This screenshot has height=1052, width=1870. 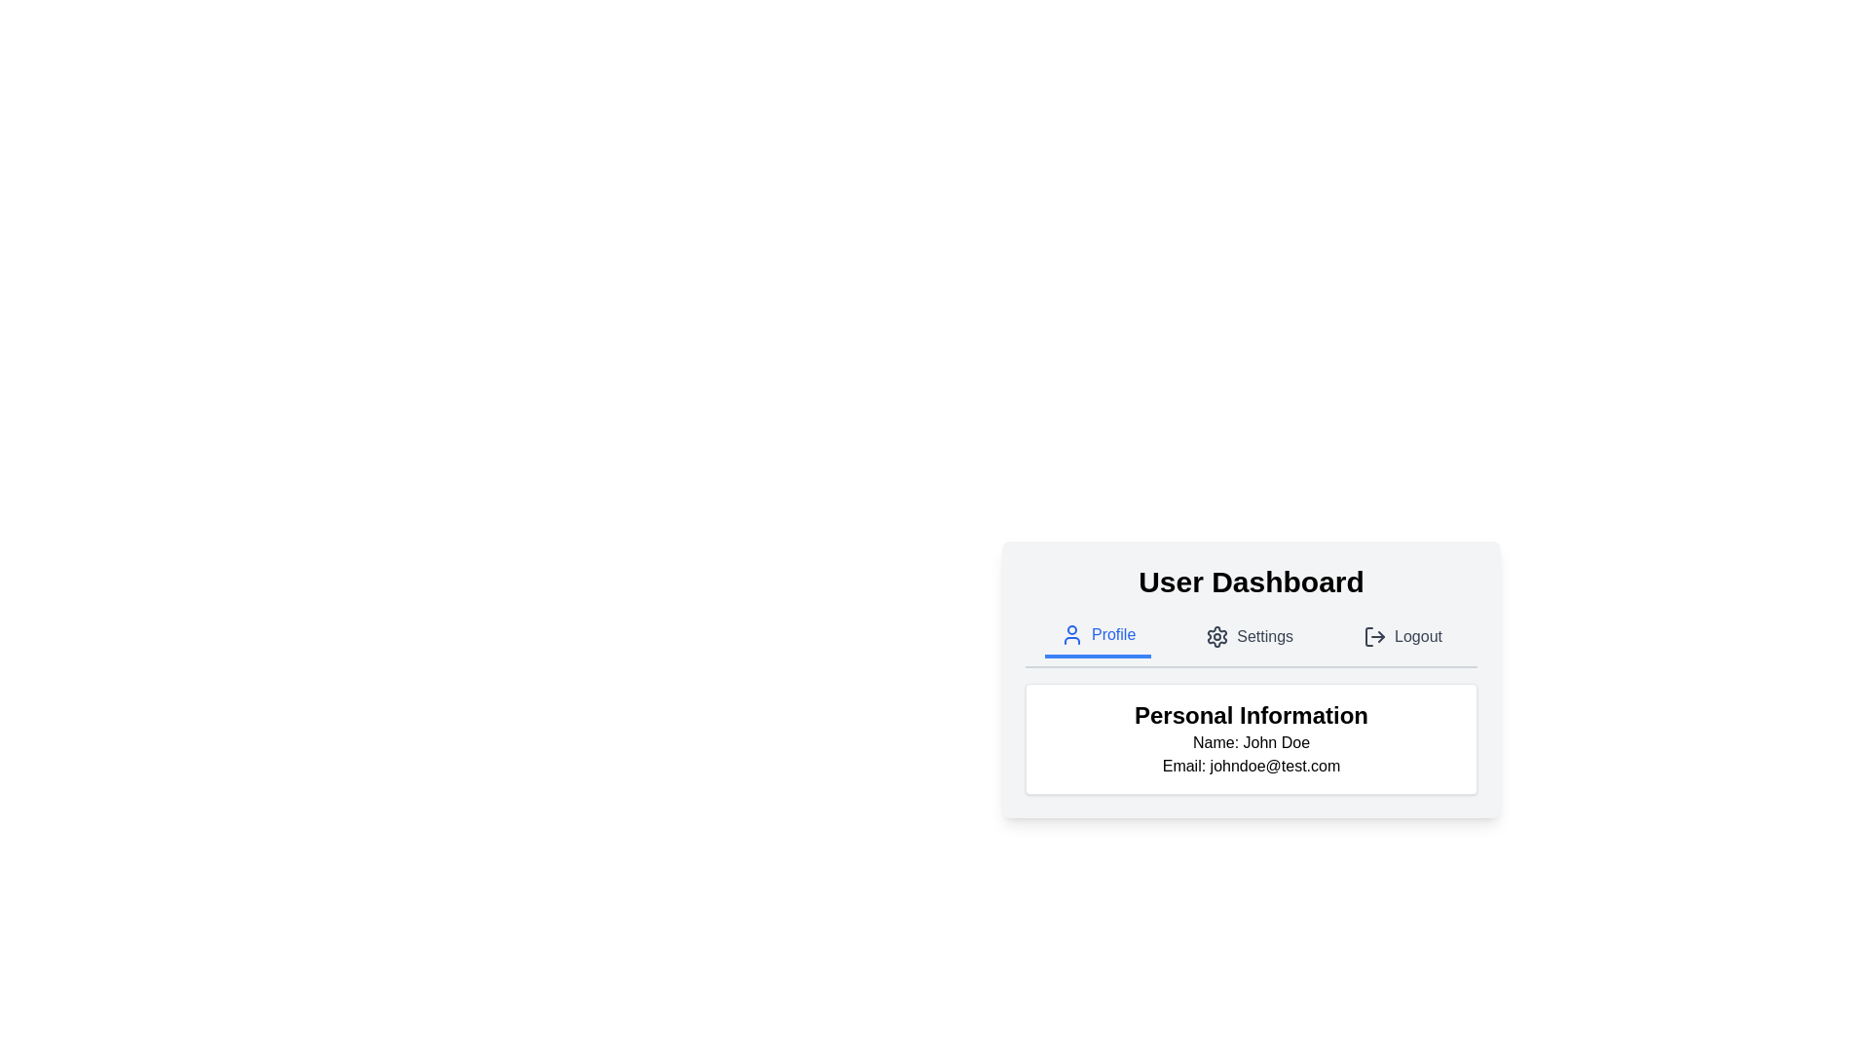 I want to click on text displayed in the Static Information Display, which shows personal information including the header 'Personal Information', the name 'John Doe', and the email 'johndoe@test.com', so click(x=1252, y=739).